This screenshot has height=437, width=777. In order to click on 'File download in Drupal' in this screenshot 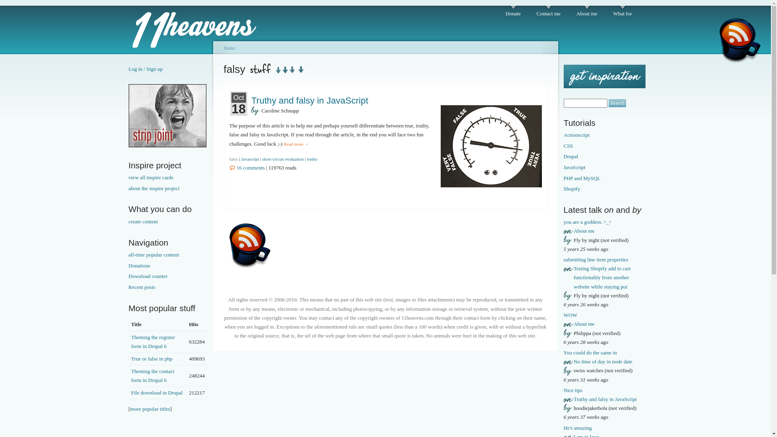, I will do `click(157, 392)`.